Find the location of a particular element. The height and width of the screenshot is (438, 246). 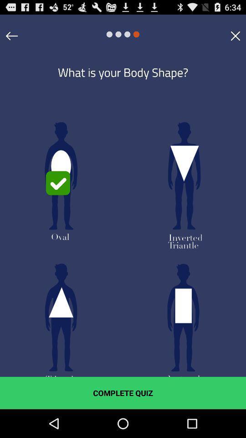

complete quiz item is located at coordinates (123, 392).